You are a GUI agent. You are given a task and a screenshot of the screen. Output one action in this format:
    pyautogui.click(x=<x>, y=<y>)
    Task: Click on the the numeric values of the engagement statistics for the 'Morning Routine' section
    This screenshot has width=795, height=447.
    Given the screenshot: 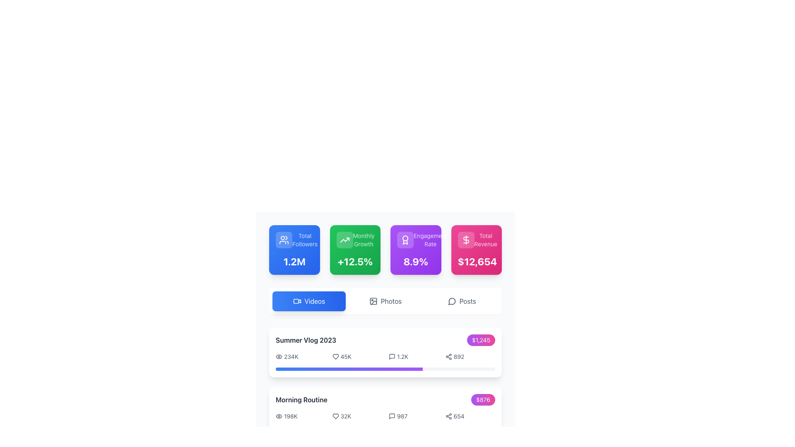 What is the action you would take?
    pyautogui.click(x=385, y=416)
    